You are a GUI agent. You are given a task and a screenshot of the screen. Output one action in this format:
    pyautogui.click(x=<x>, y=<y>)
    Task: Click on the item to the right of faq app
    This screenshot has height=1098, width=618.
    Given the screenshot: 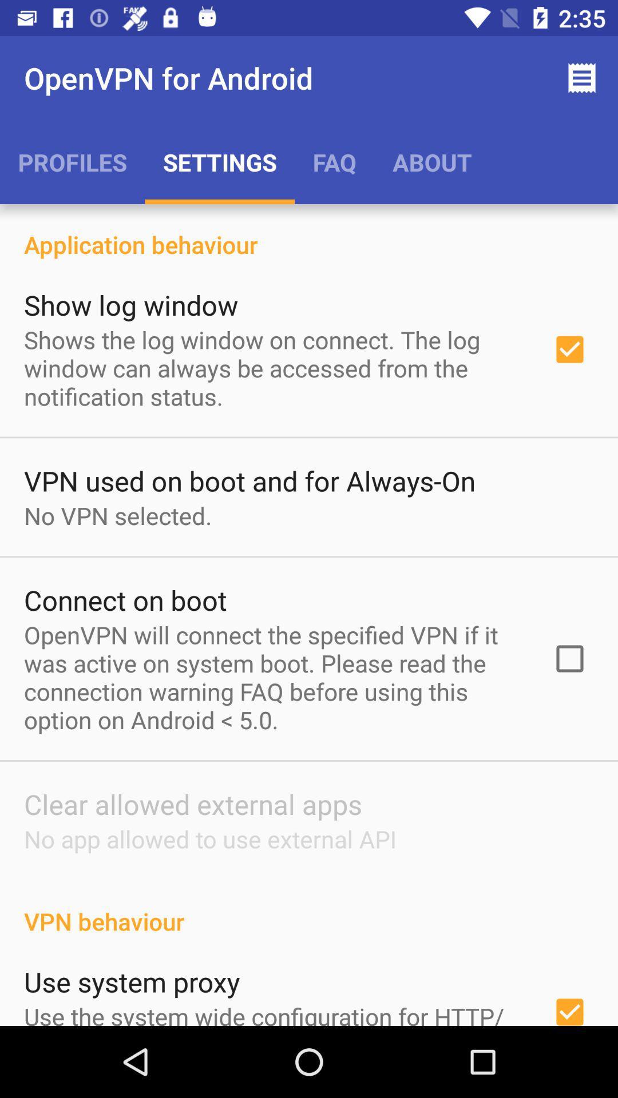 What is the action you would take?
    pyautogui.click(x=432, y=161)
    